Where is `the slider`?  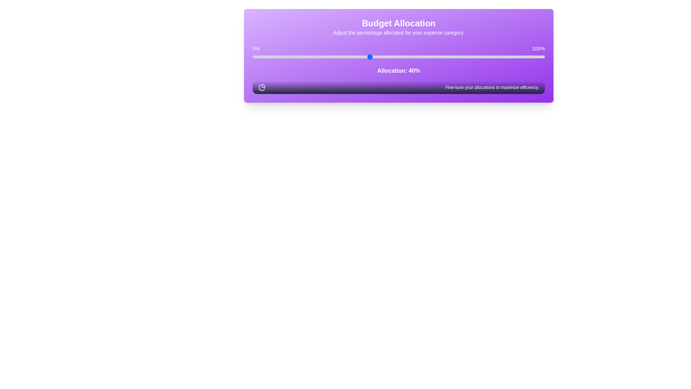 the slider is located at coordinates (384, 57).